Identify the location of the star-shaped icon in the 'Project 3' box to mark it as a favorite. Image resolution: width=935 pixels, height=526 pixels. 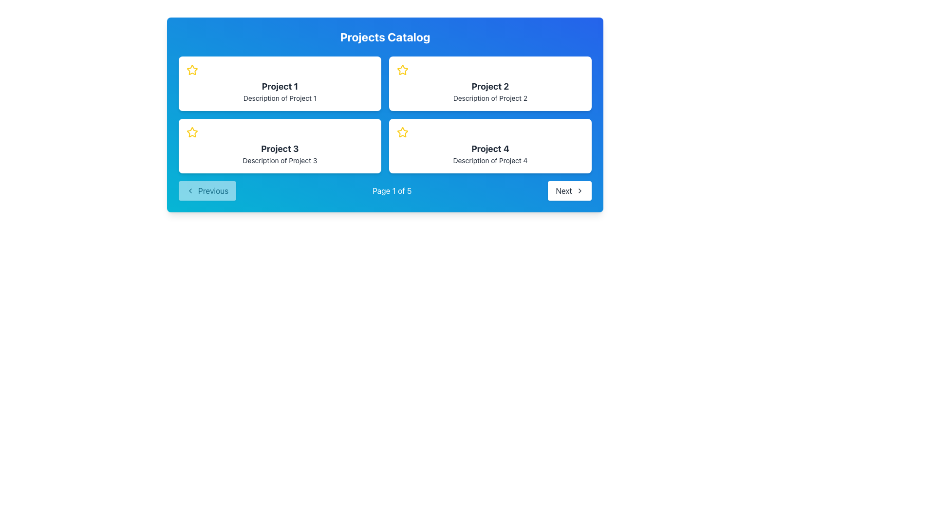
(192, 132).